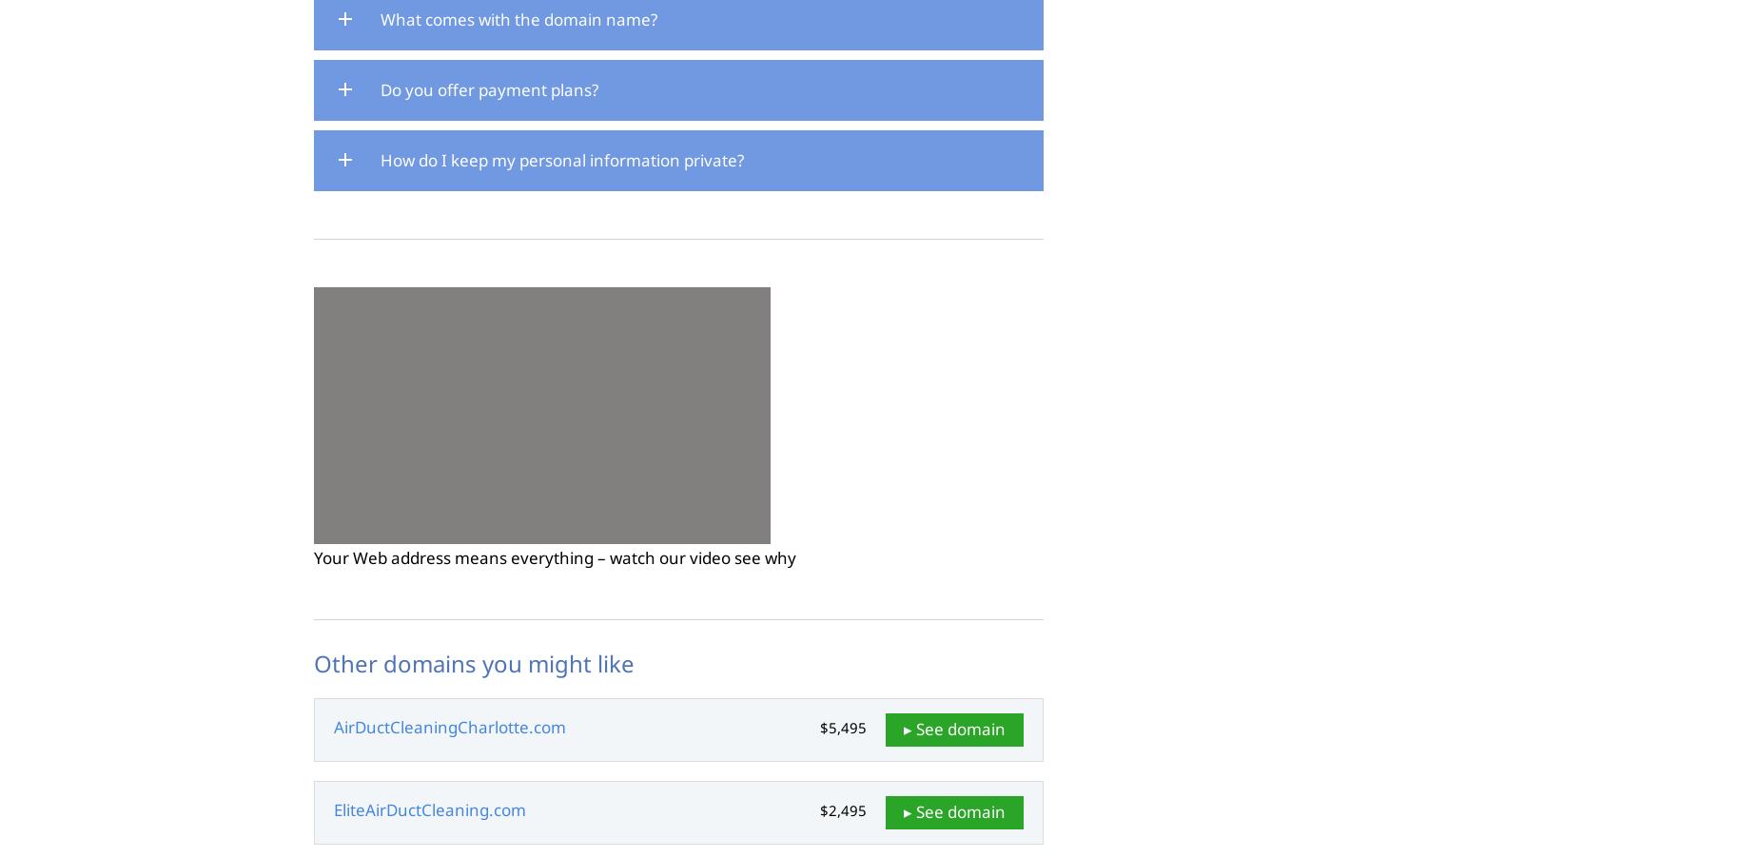 The image size is (1740, 857). I want to click on '$5,495', so click(841, 725).